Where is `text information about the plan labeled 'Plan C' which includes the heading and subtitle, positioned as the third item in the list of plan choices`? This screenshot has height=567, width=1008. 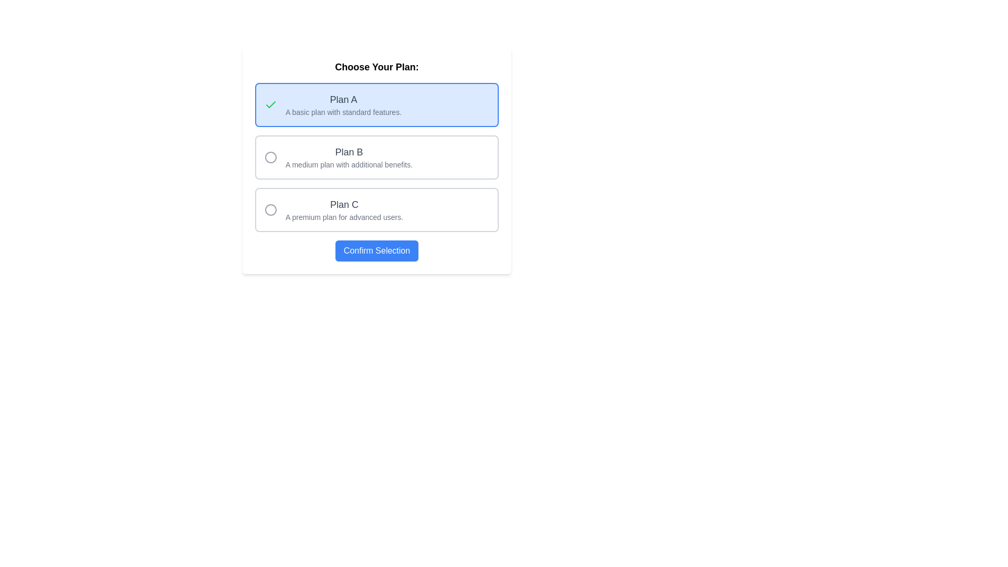 text information about the plan labeled 'Plan C' which includes the heading and subtitle, positioned as the third item in the list of plan choices is located at coordinates (333, 210).